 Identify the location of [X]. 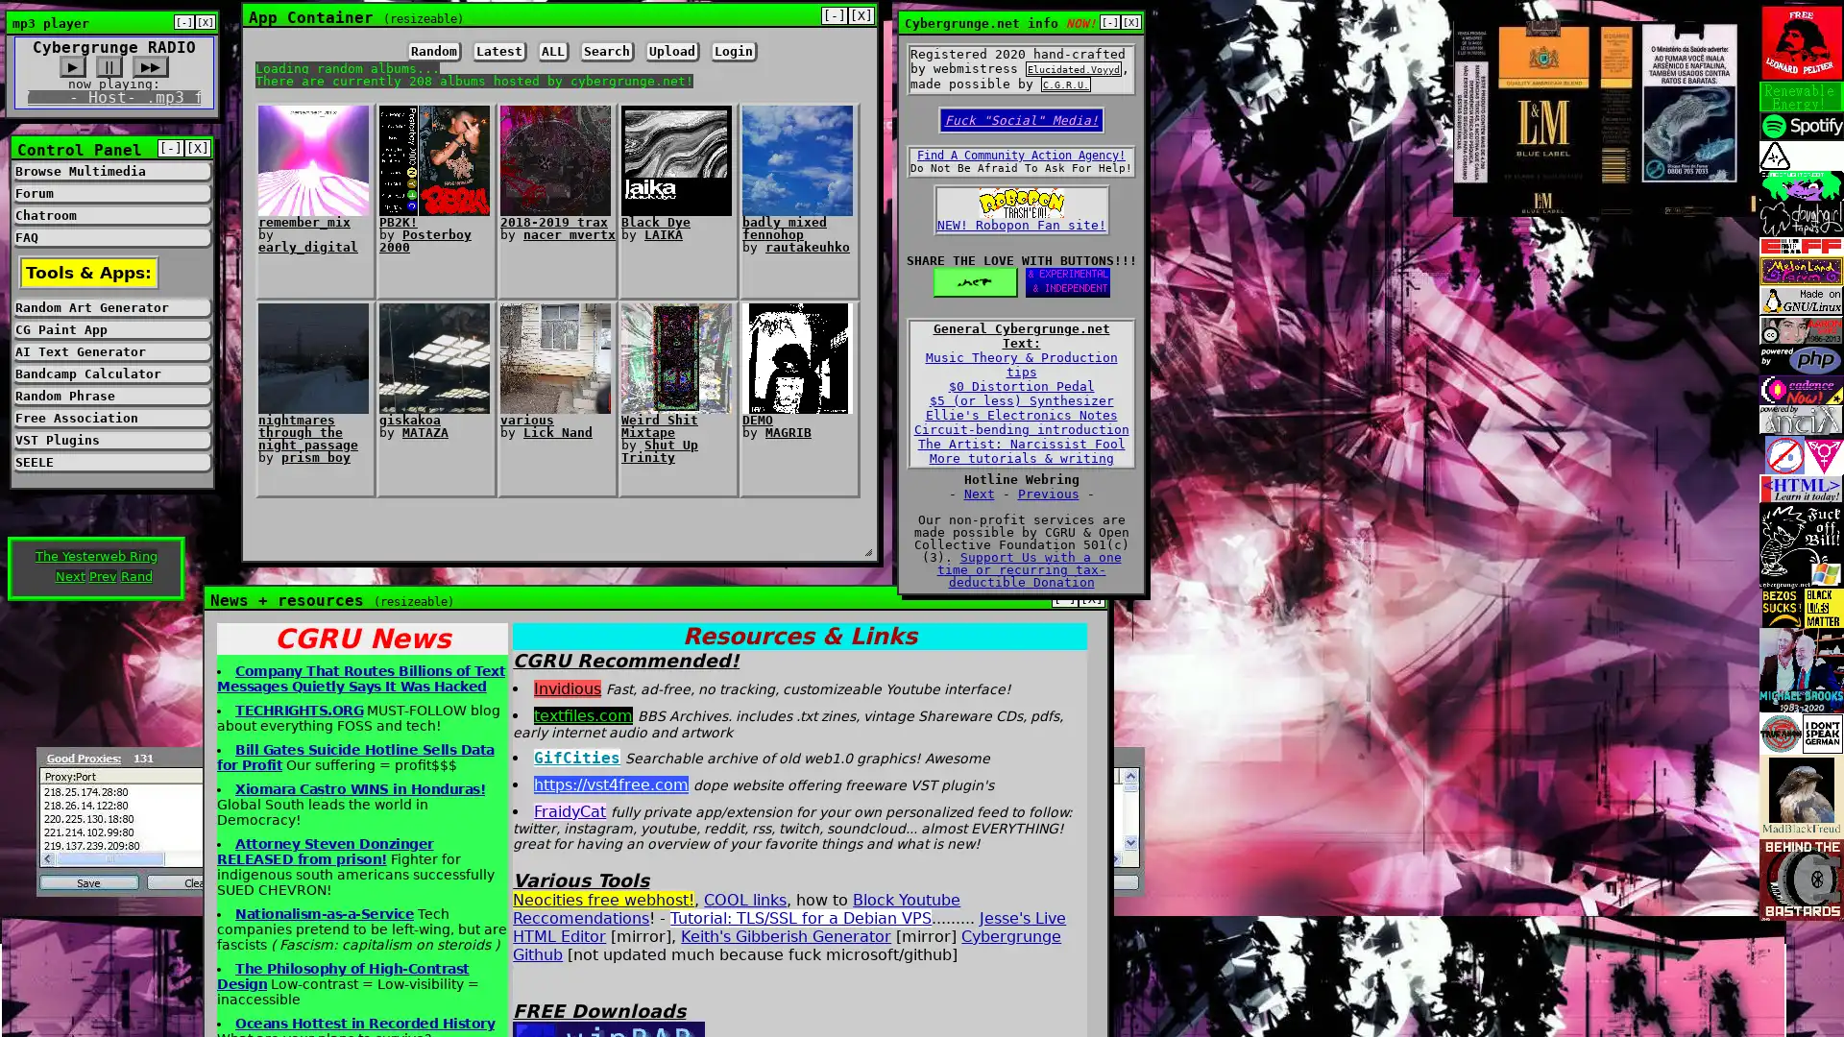
(1130, 22).